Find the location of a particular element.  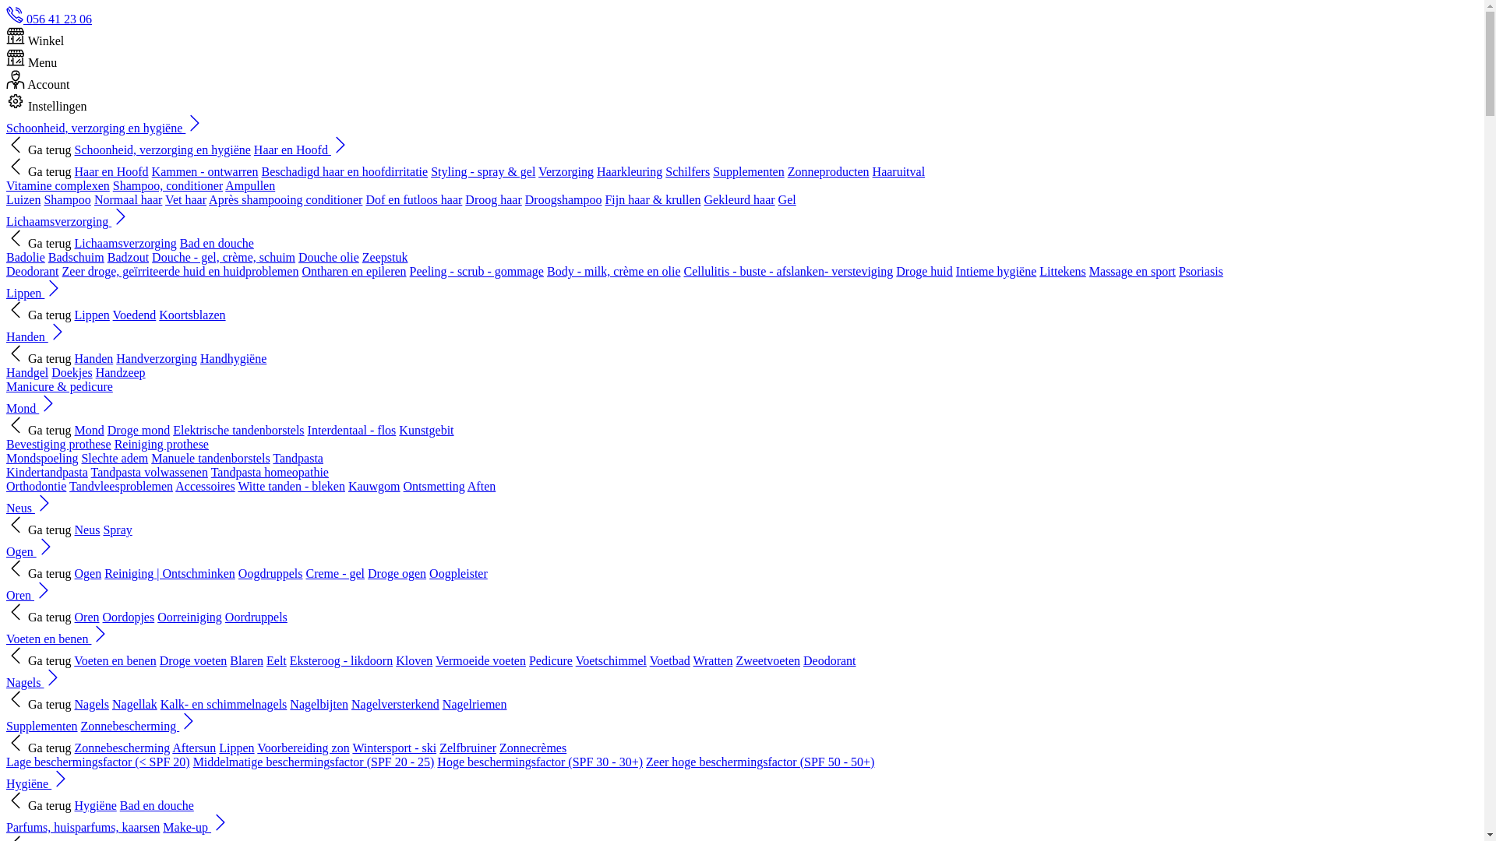

'Nagels' is located at coordinates (34, 681).